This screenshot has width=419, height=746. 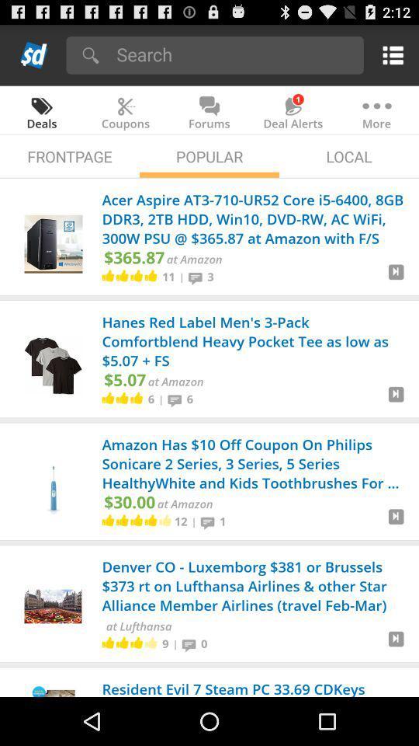 I want to click on next page, so click(x=396, y=277).